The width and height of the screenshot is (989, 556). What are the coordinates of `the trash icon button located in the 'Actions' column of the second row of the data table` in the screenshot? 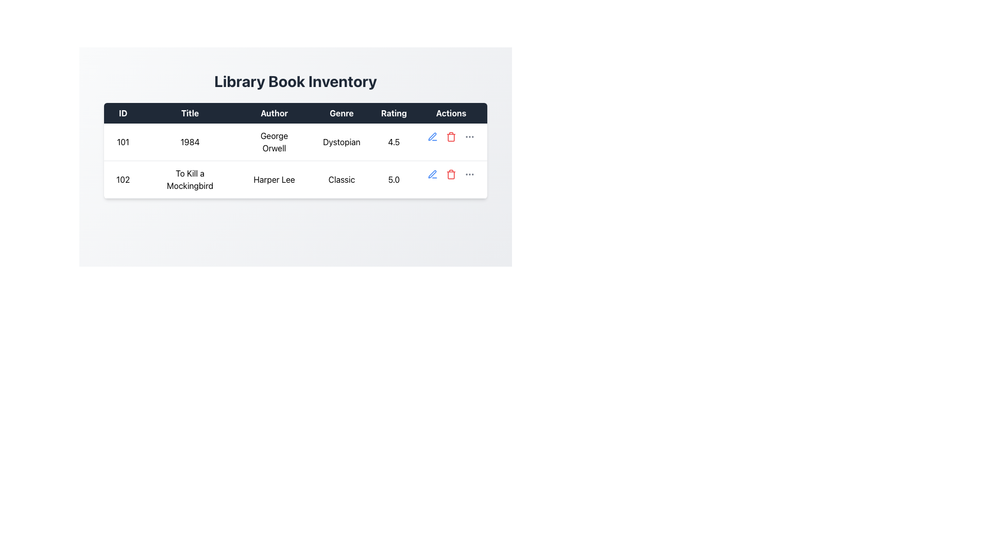 It's located at (451, 172).